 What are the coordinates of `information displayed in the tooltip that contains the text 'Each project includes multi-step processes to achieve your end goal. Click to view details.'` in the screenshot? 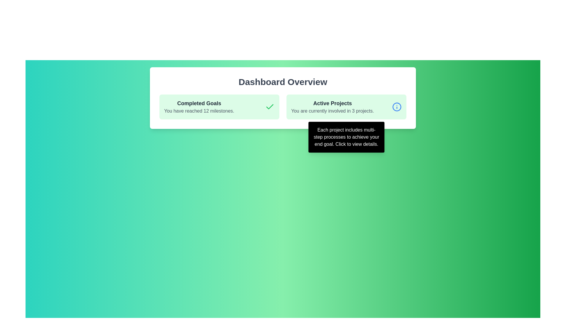 It's located at (346, 137).